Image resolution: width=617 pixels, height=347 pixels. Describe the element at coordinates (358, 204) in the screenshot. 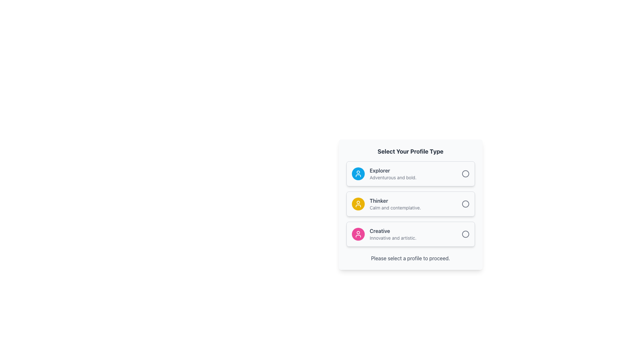

I see `the yellow circular icon with a white outline of a user, located to the left of the 'Thinker' profile card in the profile selection list` at that location.